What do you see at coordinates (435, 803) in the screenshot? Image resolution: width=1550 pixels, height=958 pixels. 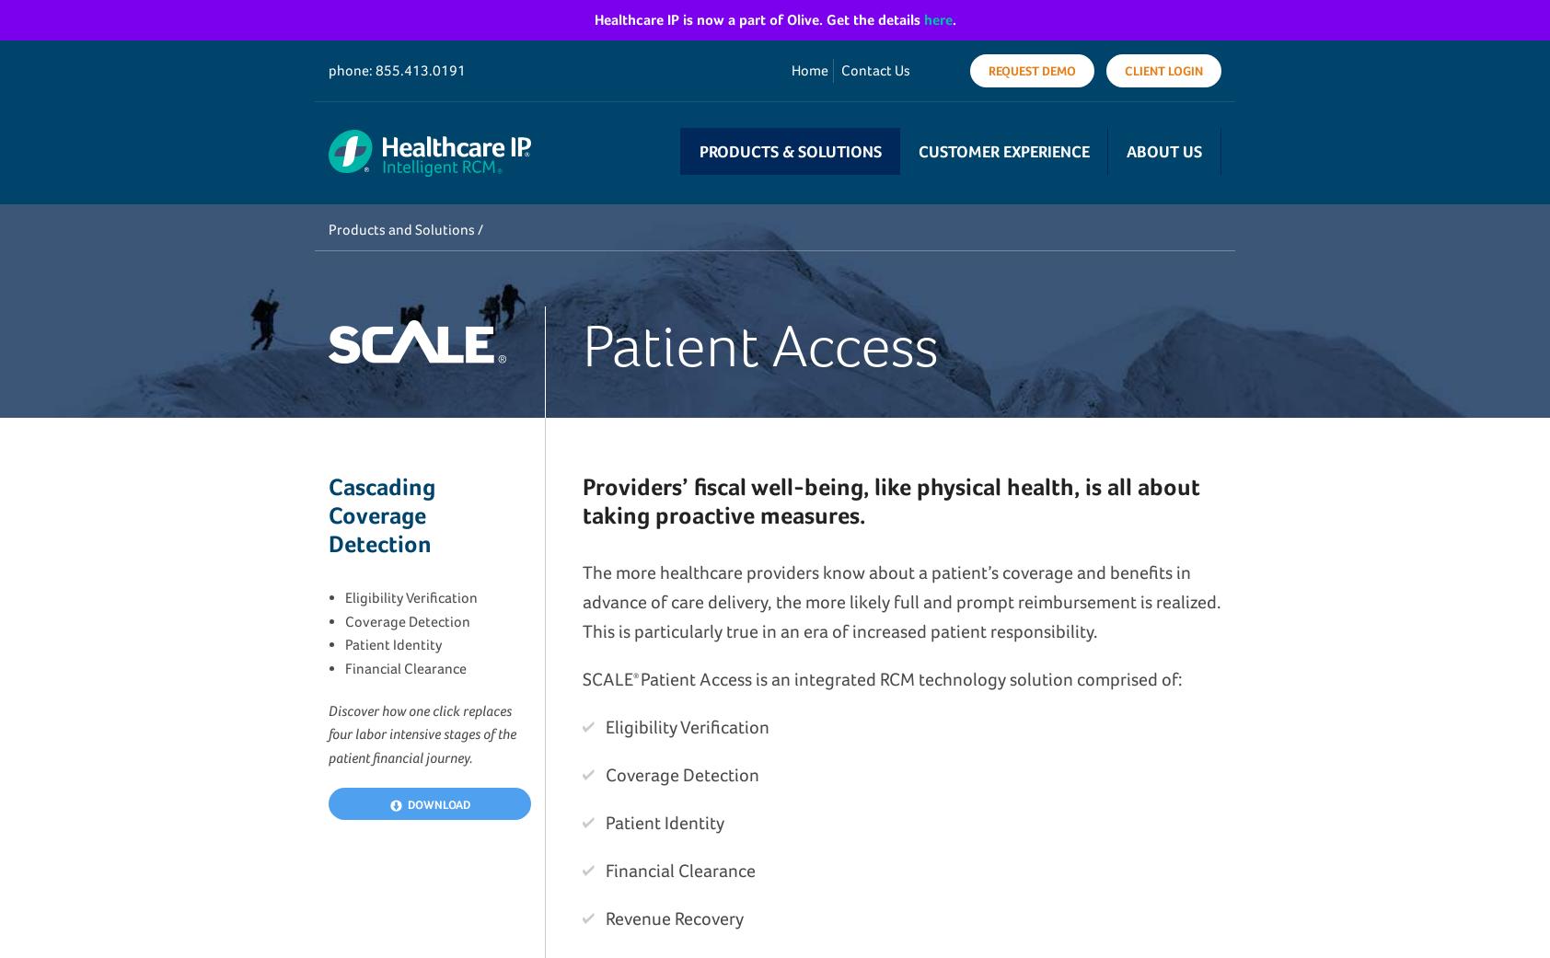 I see `'Download'` at bounding box center [435, 803].